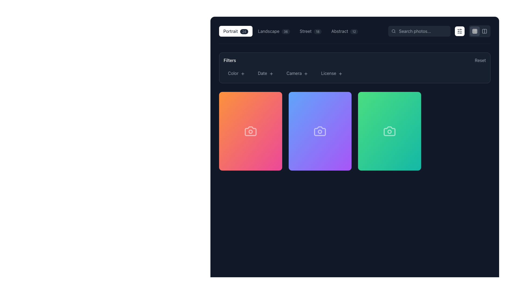 The image size is (518, 291). I want to click on the small, rounded rectangle icon in the top-left corner of the 3x3 grid layout located in the upper-right corner of the application interface, so click(475, 31).